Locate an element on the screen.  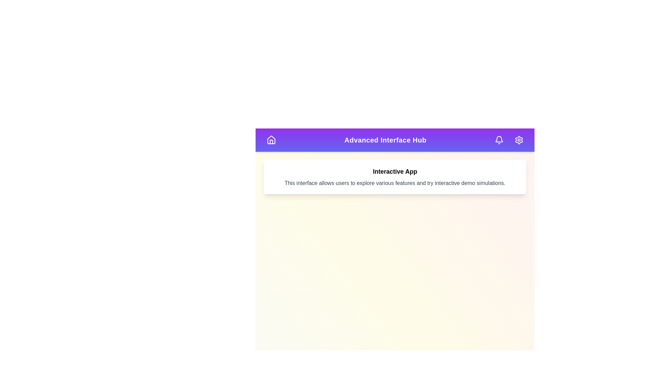
the home button to navigate to the homepage is located at coordinates (271, 139).